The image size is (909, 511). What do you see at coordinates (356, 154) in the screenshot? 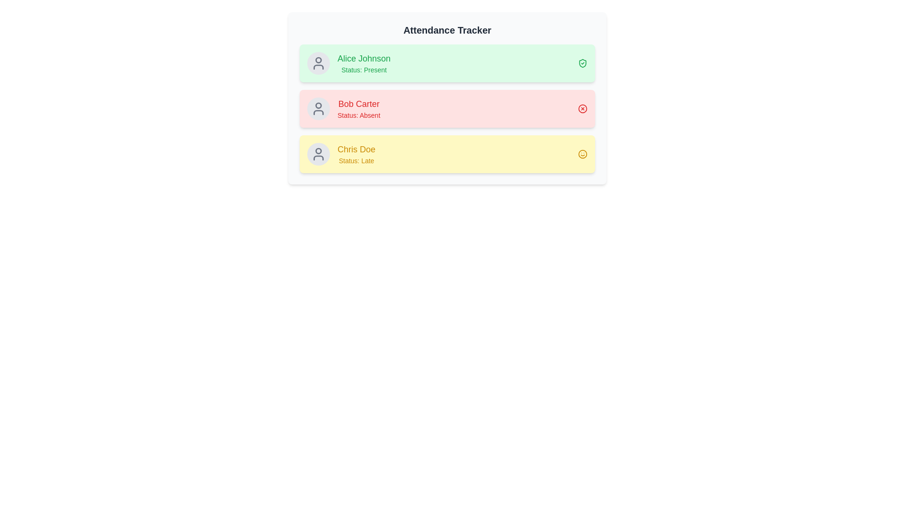
I see `the Text Display that shows the user's name 'Chris Doe' and attendance status 'Late', located in the third row of user status entries, to the right of a circular icon placeholder` at bounding box center [356, 154].